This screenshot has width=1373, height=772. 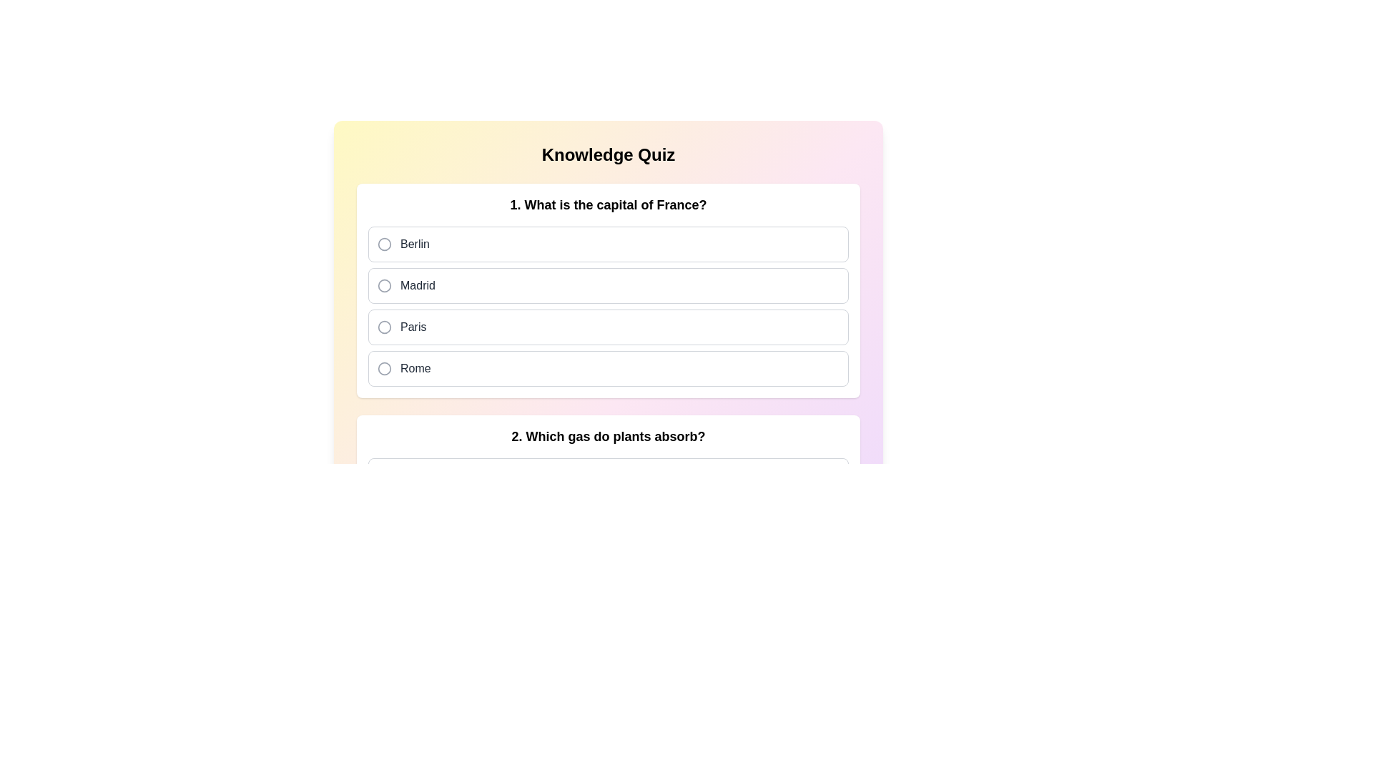 I want to click on the radio button for the answer 'Madrid' located under the question 'What is the capital of France?' in the quiz interface, so click(x=384, y=286).